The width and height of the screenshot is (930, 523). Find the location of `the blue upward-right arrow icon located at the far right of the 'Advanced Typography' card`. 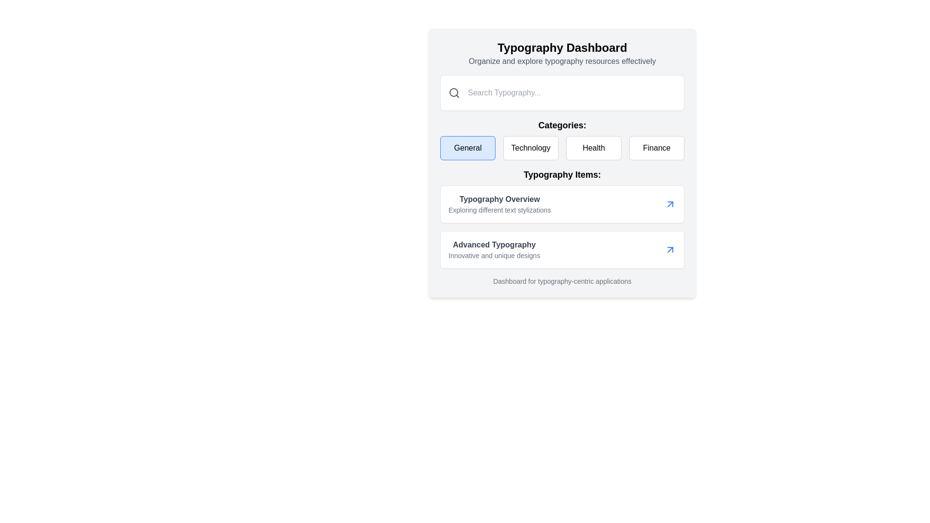

the blue upward-right arrow icon located at the far right of the 'Advanced Typography' card is located at coordinates (669, 249).